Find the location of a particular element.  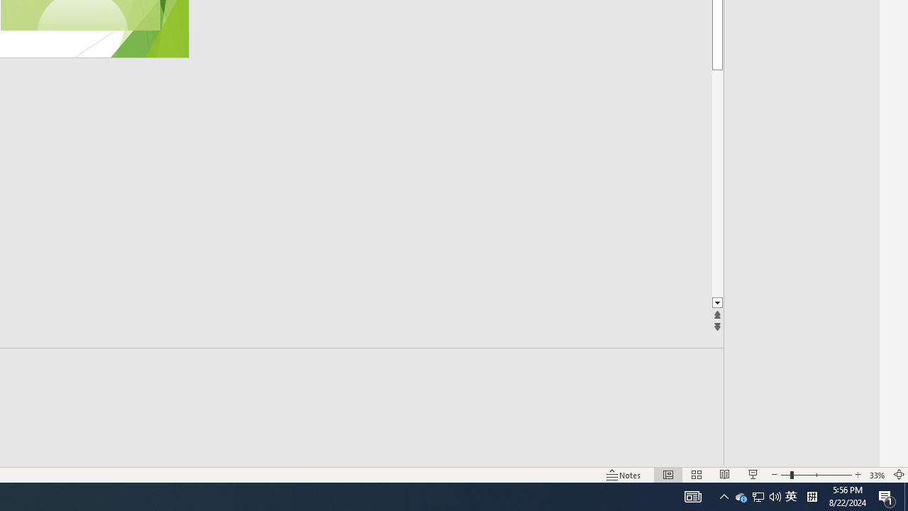

'Zoom' is located at coordinates (816, 475).